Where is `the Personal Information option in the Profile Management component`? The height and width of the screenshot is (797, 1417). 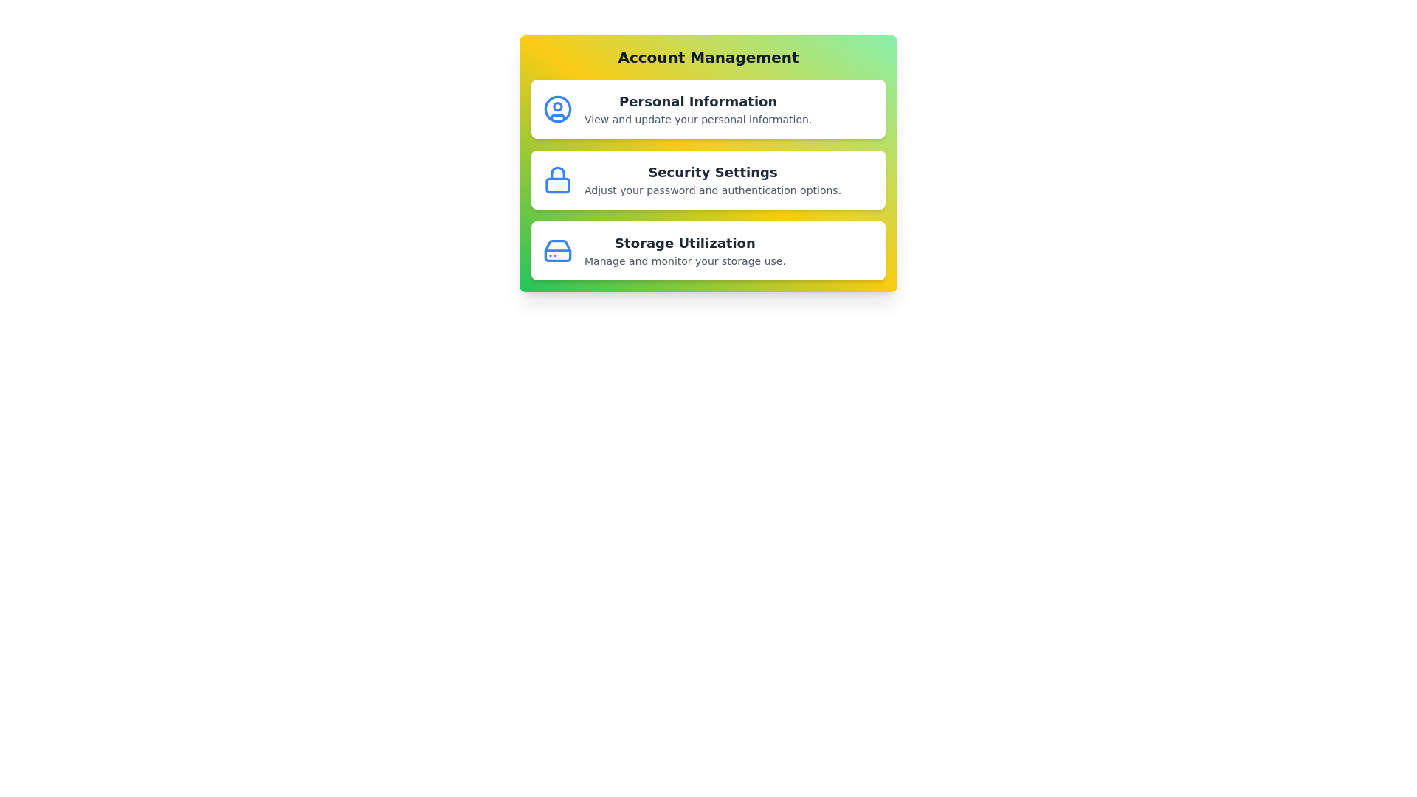 the Personal Information option in the Profile Management component is located at coordinates (708, 108).